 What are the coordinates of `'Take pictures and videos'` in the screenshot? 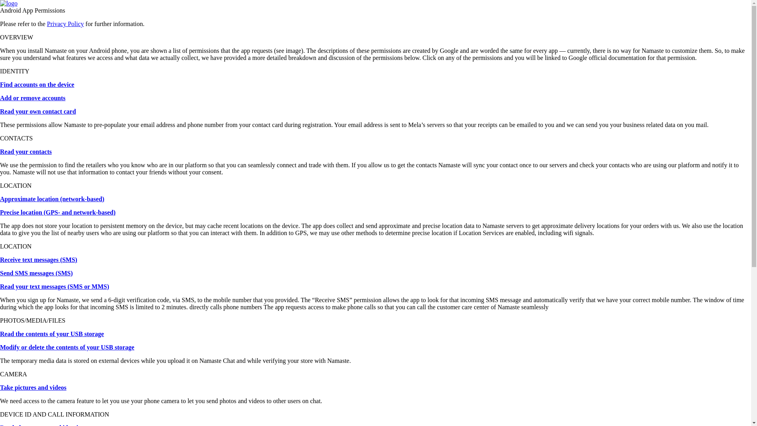 It's located at (32, 387).